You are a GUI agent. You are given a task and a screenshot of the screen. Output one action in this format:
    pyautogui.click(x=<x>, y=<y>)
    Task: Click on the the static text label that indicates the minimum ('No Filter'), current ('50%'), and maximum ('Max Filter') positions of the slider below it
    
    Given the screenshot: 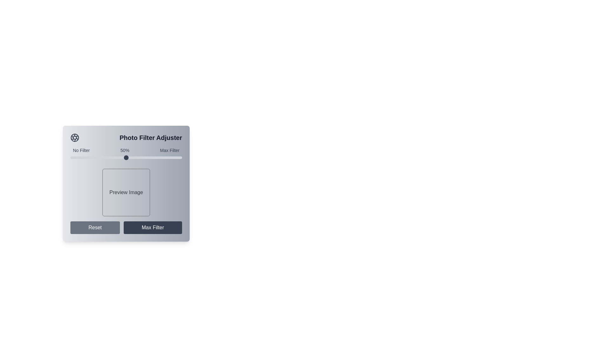 What is the action you would take?
    pyautogui.click(x=126, y=150)
    